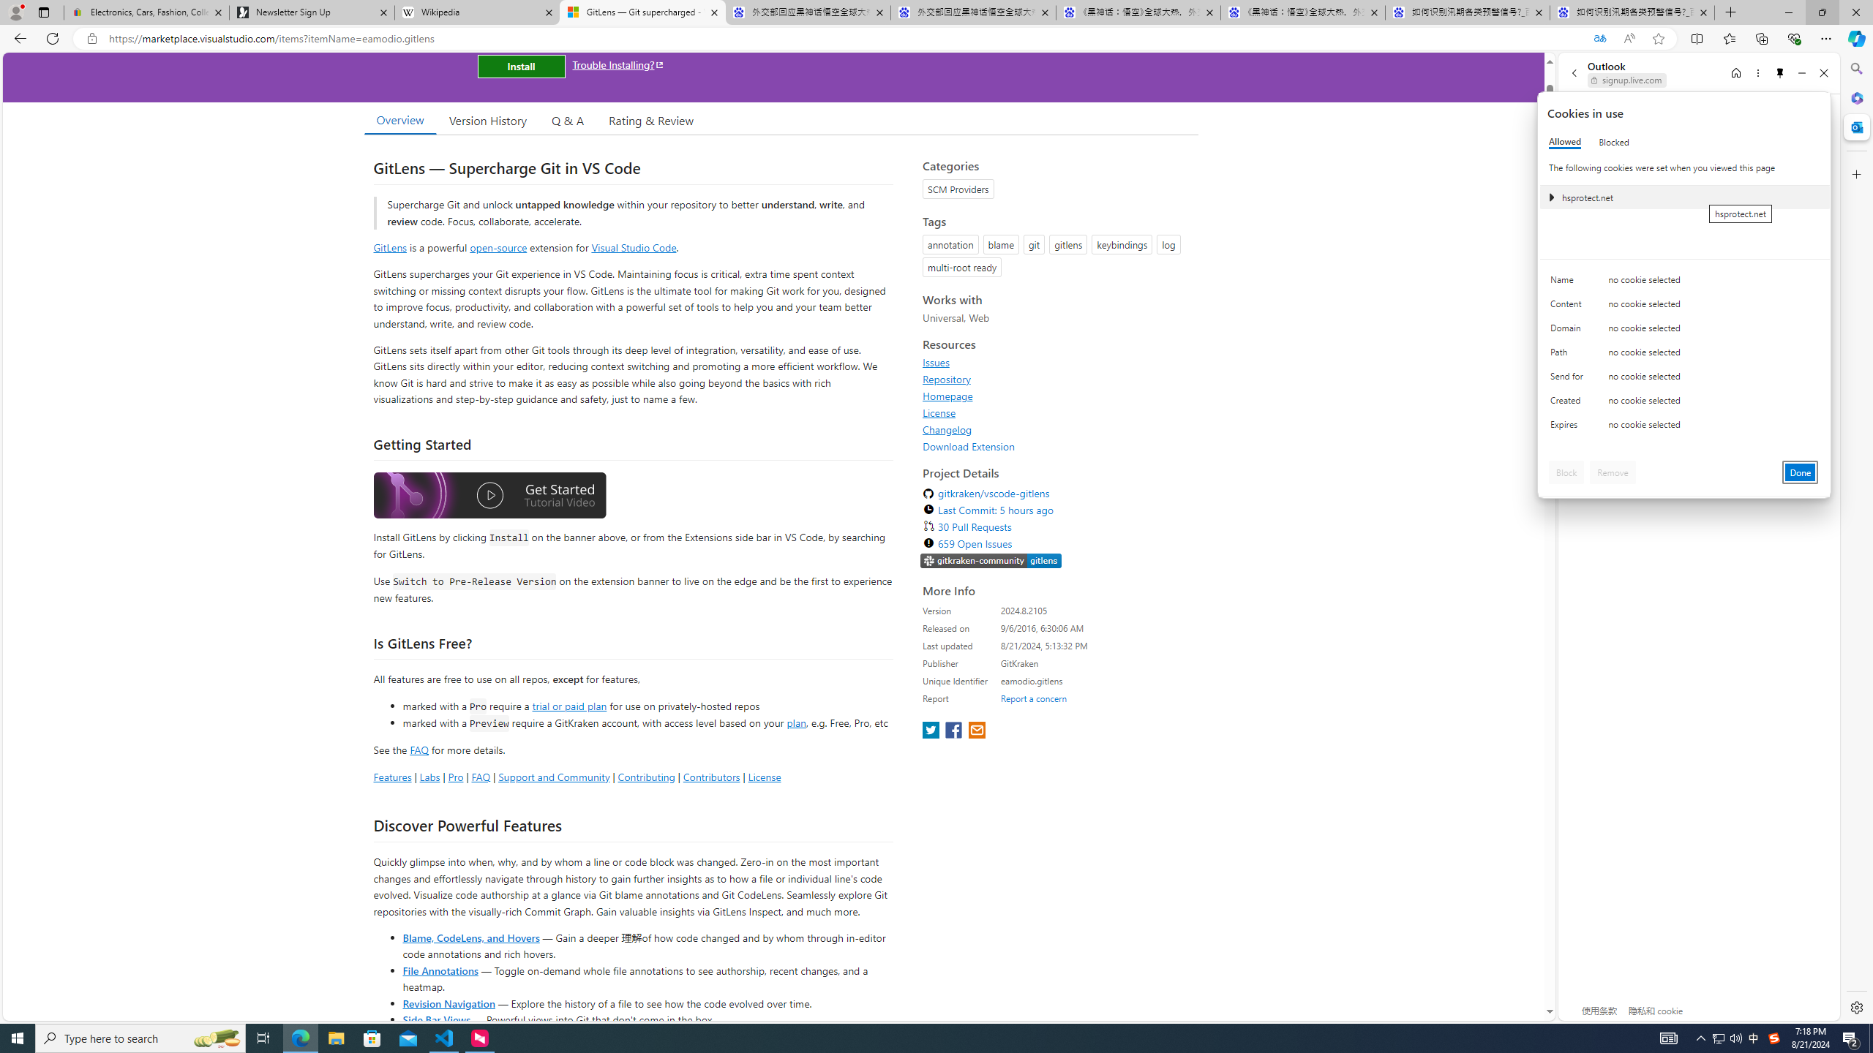 The height and width of the screenshot is (1053, 1873). Describe the element at coordinates (1684, 283) in the screenshot. I see `'Class: c0153 c0157 c0154'` at that location.